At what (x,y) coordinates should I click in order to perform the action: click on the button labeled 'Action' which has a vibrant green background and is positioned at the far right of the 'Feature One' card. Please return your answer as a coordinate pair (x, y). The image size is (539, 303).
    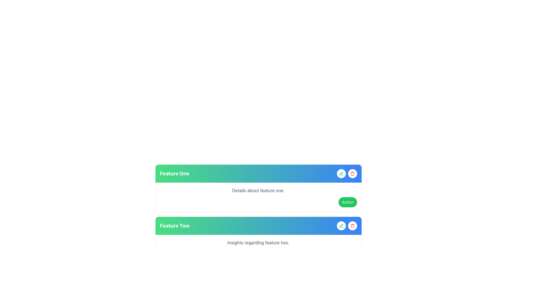
    Looking at the image, I should click on (347, 202).